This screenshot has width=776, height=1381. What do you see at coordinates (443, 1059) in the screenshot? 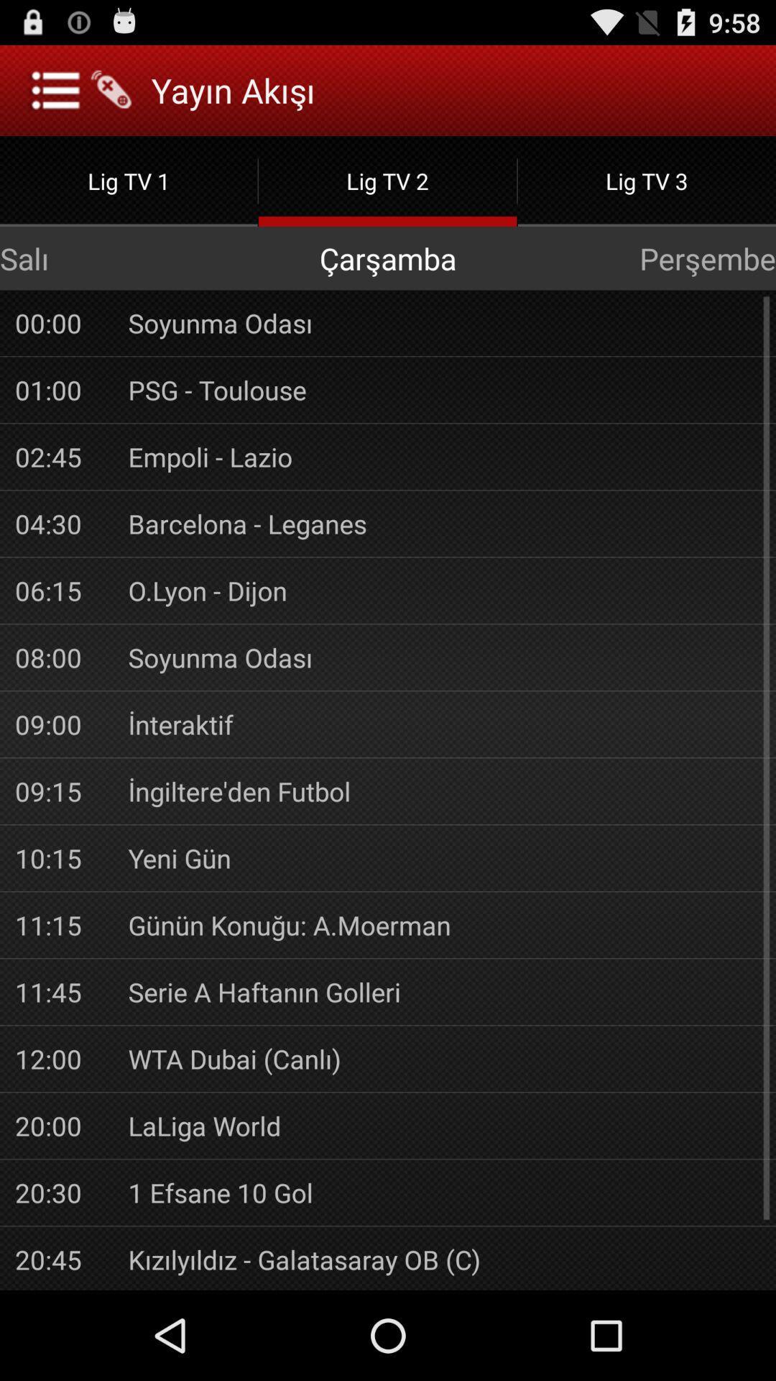
I see `item above the laliga world icon` at bounding box center [443, 1059].